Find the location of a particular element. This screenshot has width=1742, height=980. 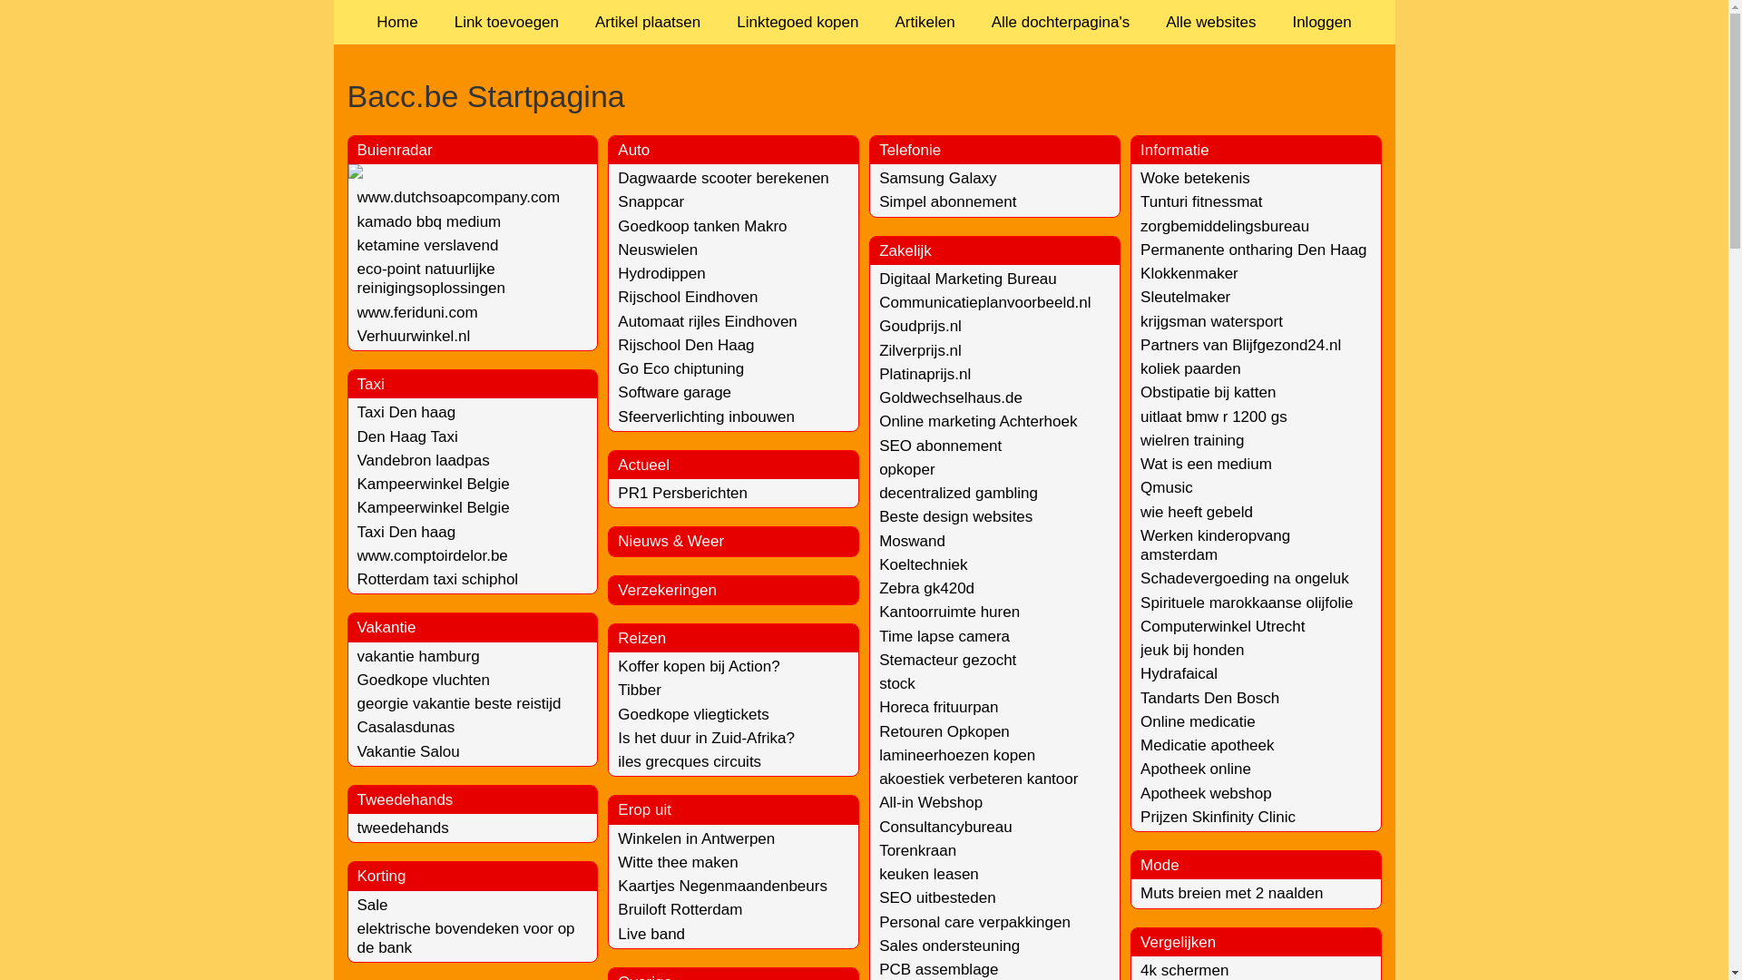

'Horeca frituurpan' is located at coordinates (938, 706).